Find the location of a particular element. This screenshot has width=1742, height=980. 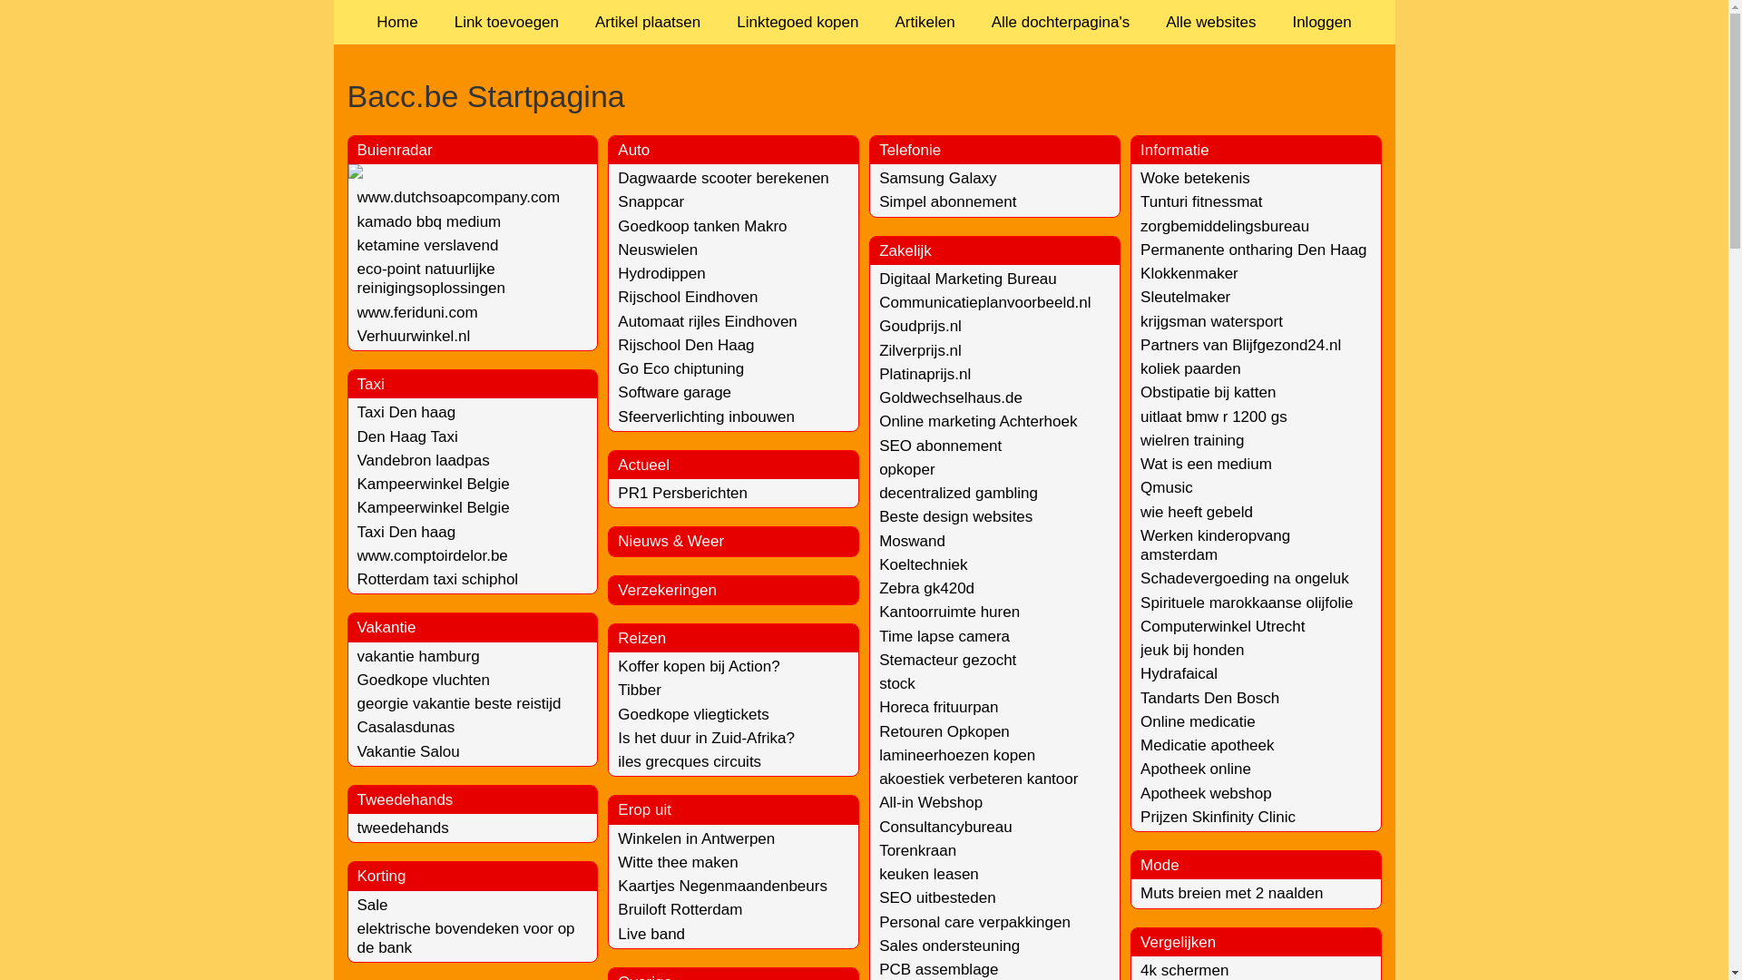

'Horeca frituurpan' is located at coordinates (938, 706).